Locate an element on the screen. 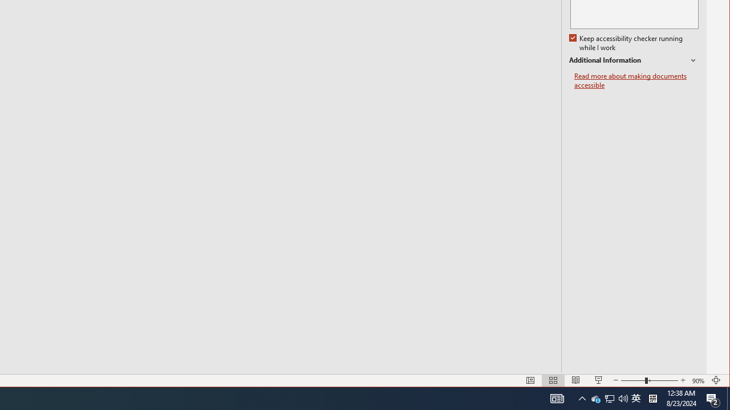 The image size is (730, 410). 'Additional Information' is located at coordinates (633, 60).